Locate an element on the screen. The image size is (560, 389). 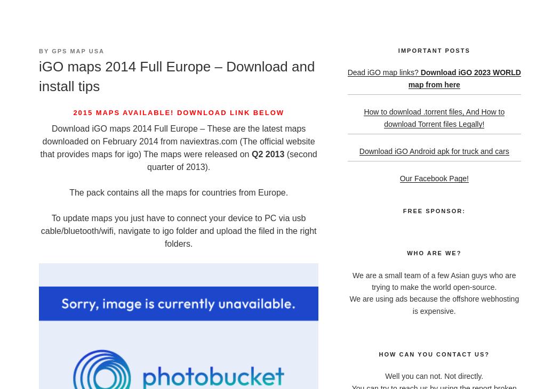
'2015 Maps available! Download link below' is located at coordinates (73, 112).